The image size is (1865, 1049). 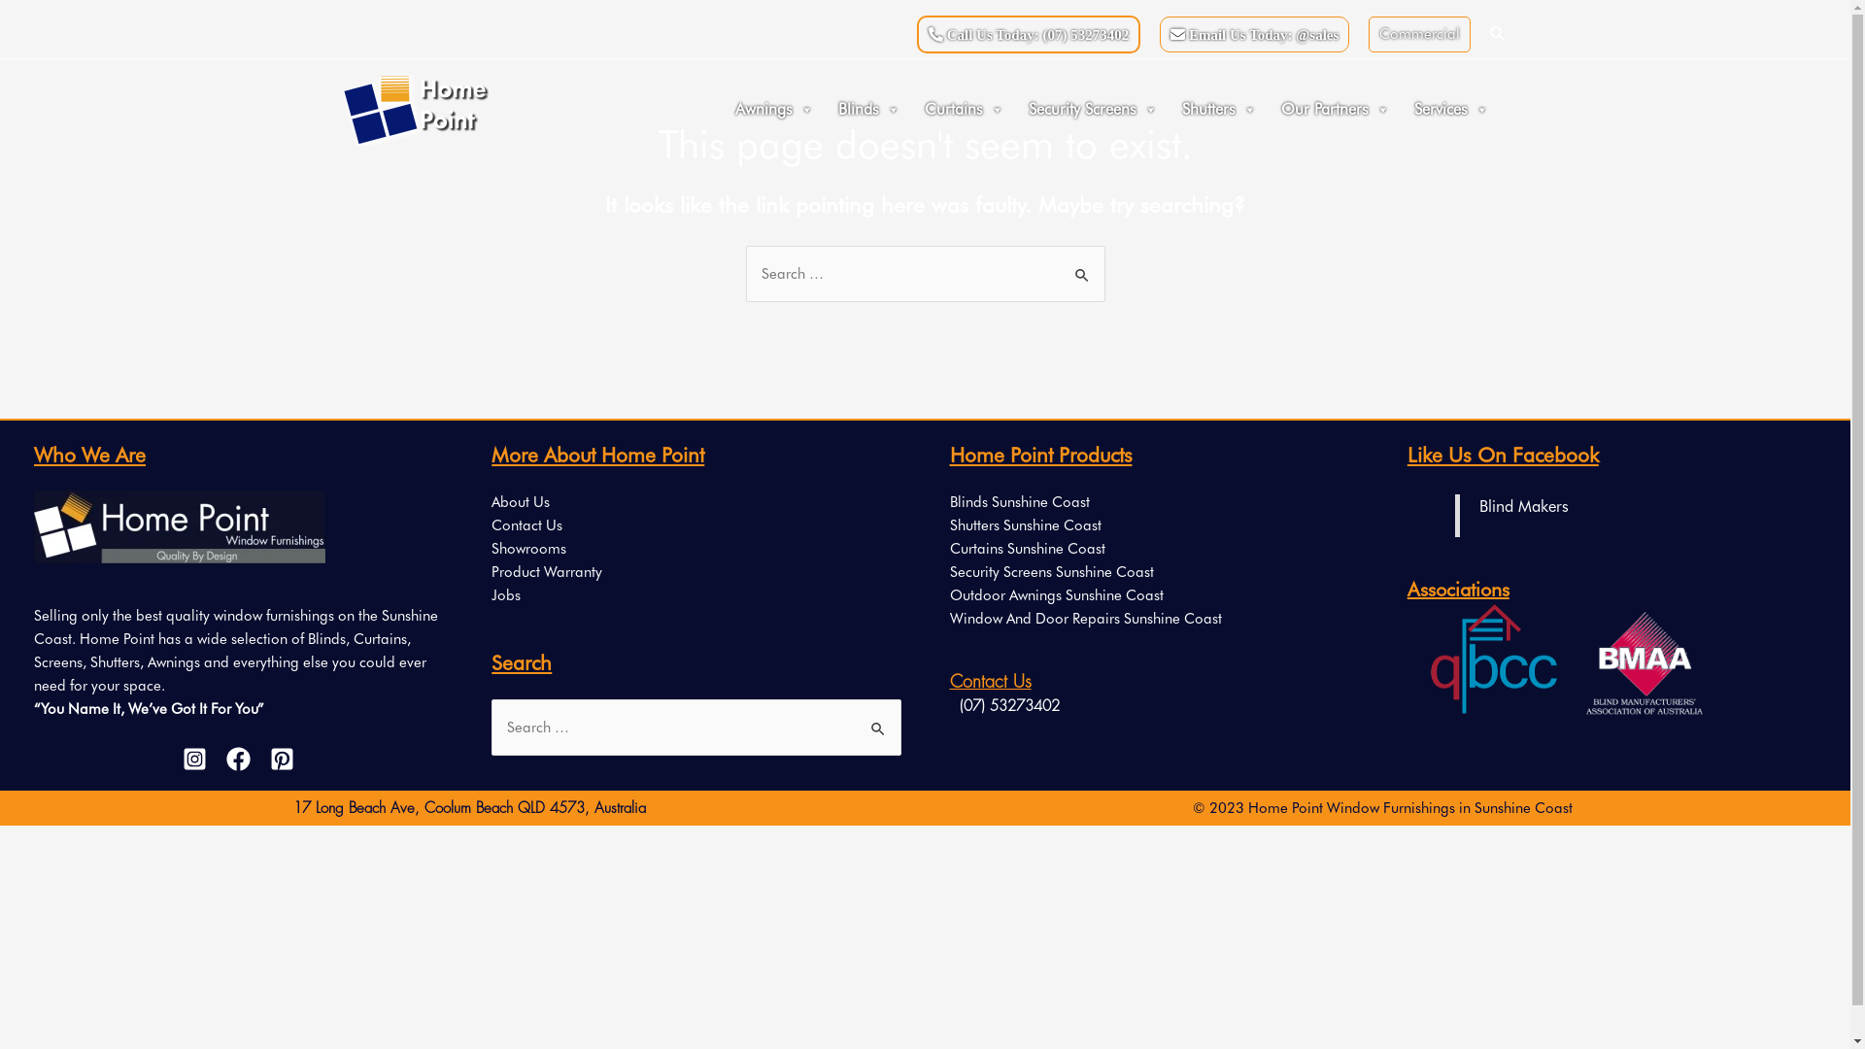 I want to click on 'Security Screens', so click(x=1096, y=109).